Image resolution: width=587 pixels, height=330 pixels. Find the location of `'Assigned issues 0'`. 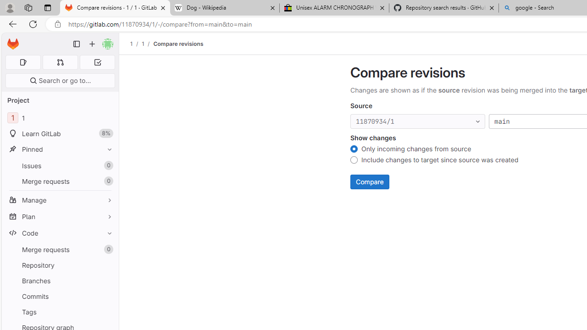

'Assigned issues 0' is located at coordinates (23, 62).